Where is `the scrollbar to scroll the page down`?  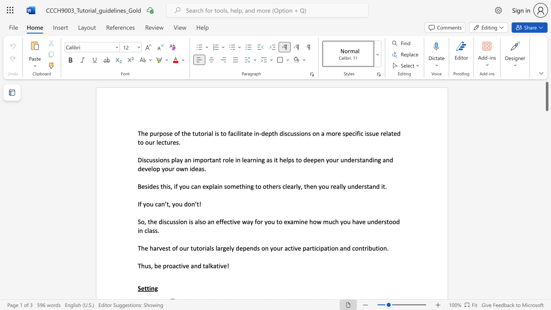 the scrollbar to scroll the page down is located at coordinates (546, 219).